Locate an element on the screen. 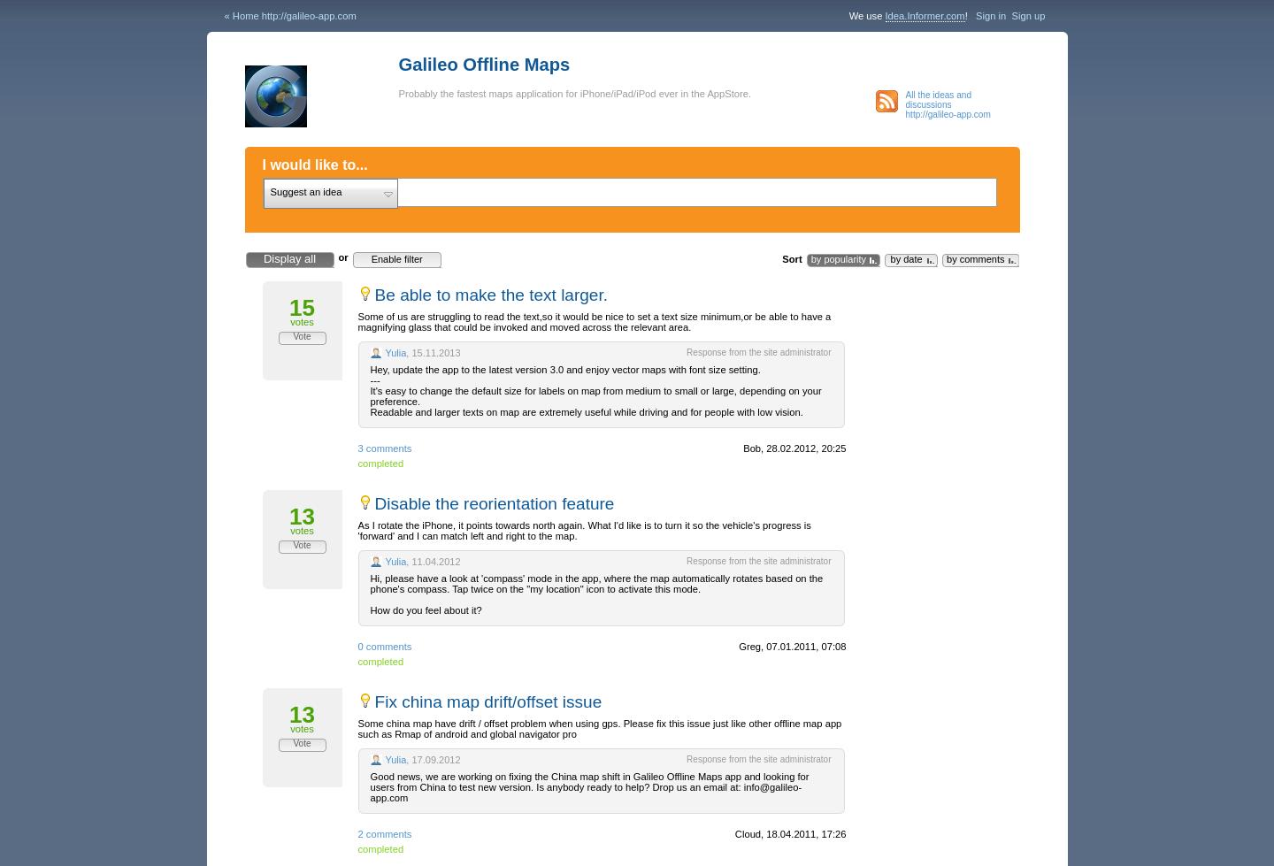  '2 comments' is located at coordinates (384, 832).